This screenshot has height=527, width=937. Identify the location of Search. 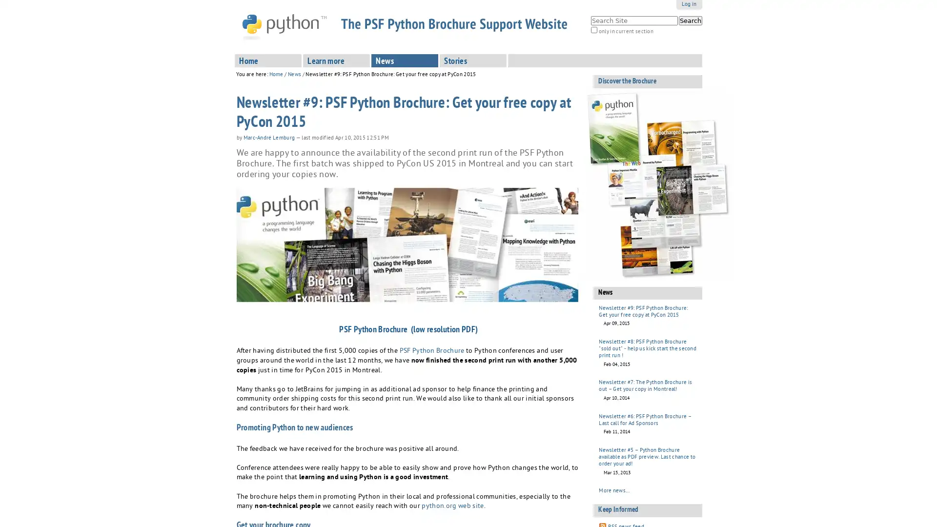
(690, 20).